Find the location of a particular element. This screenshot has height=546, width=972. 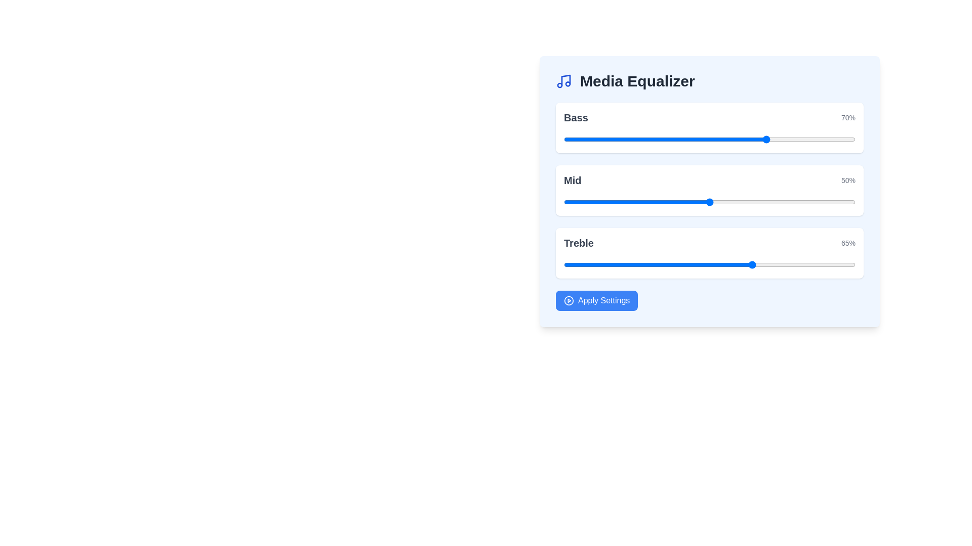

the slider is located at coordinates (788, 202).